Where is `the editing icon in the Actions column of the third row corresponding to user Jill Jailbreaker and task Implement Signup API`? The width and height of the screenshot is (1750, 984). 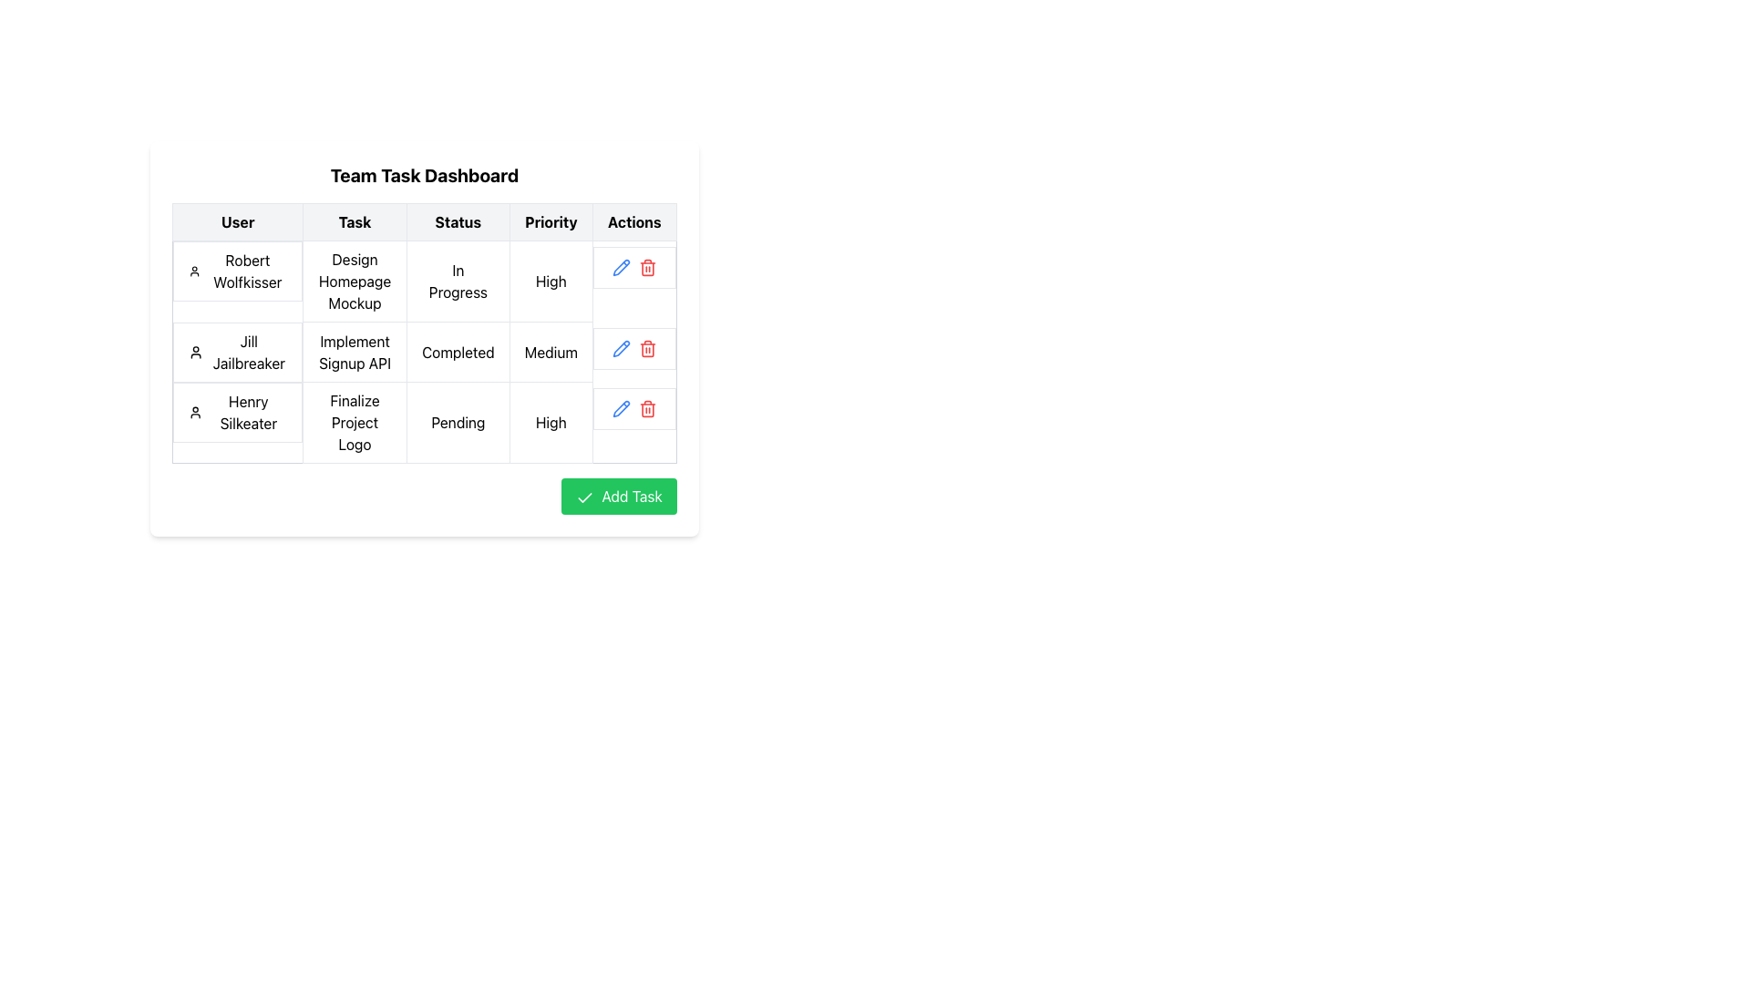 the editing icon in the Actions column of the third row corresponding to user Jill Jailbreaker and task Implement Signup API is located at coordinates (622, 407).